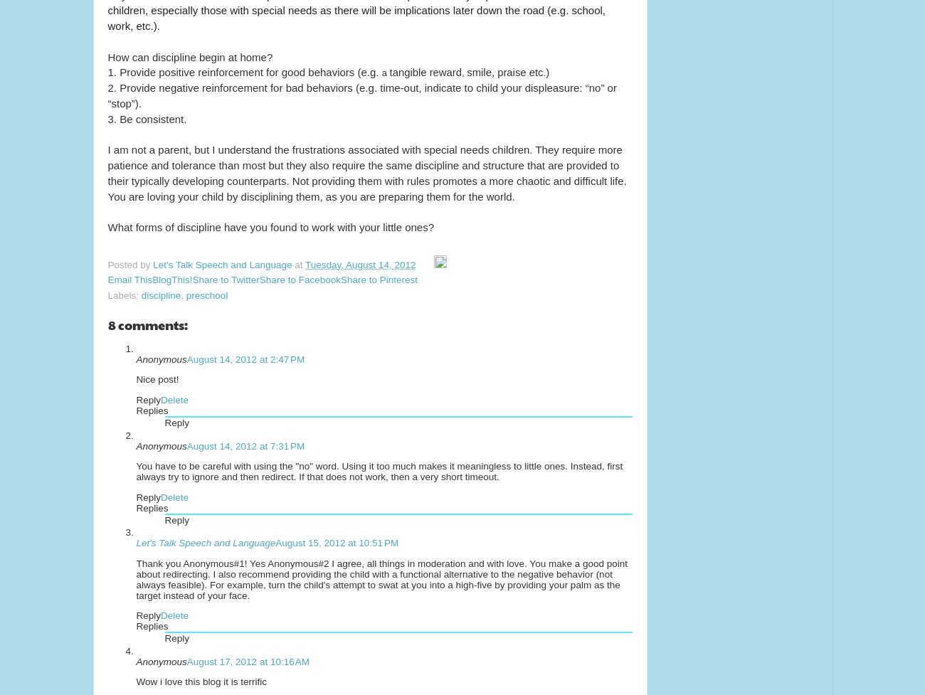 This screenshot has width=925, height=695. Describe the element at coordinates (206, 295) in the screenshot. I see `'preschool'` at that location.